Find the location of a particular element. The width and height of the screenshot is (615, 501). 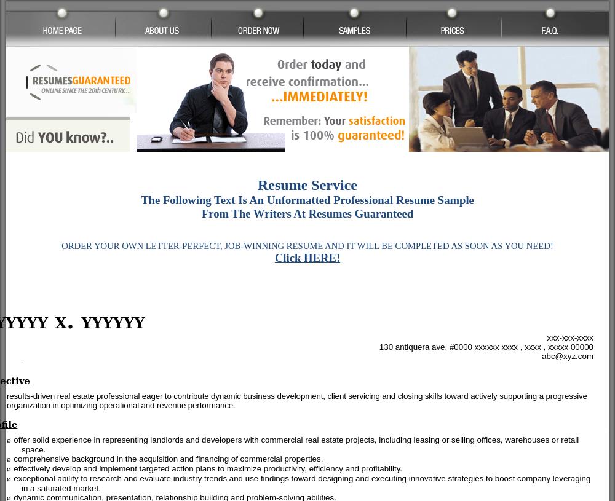

'130 antiquera ave. #0000
xxxxxx xxxx , xxxx , xxxxx 00000' is located at coordinates (486, 346).